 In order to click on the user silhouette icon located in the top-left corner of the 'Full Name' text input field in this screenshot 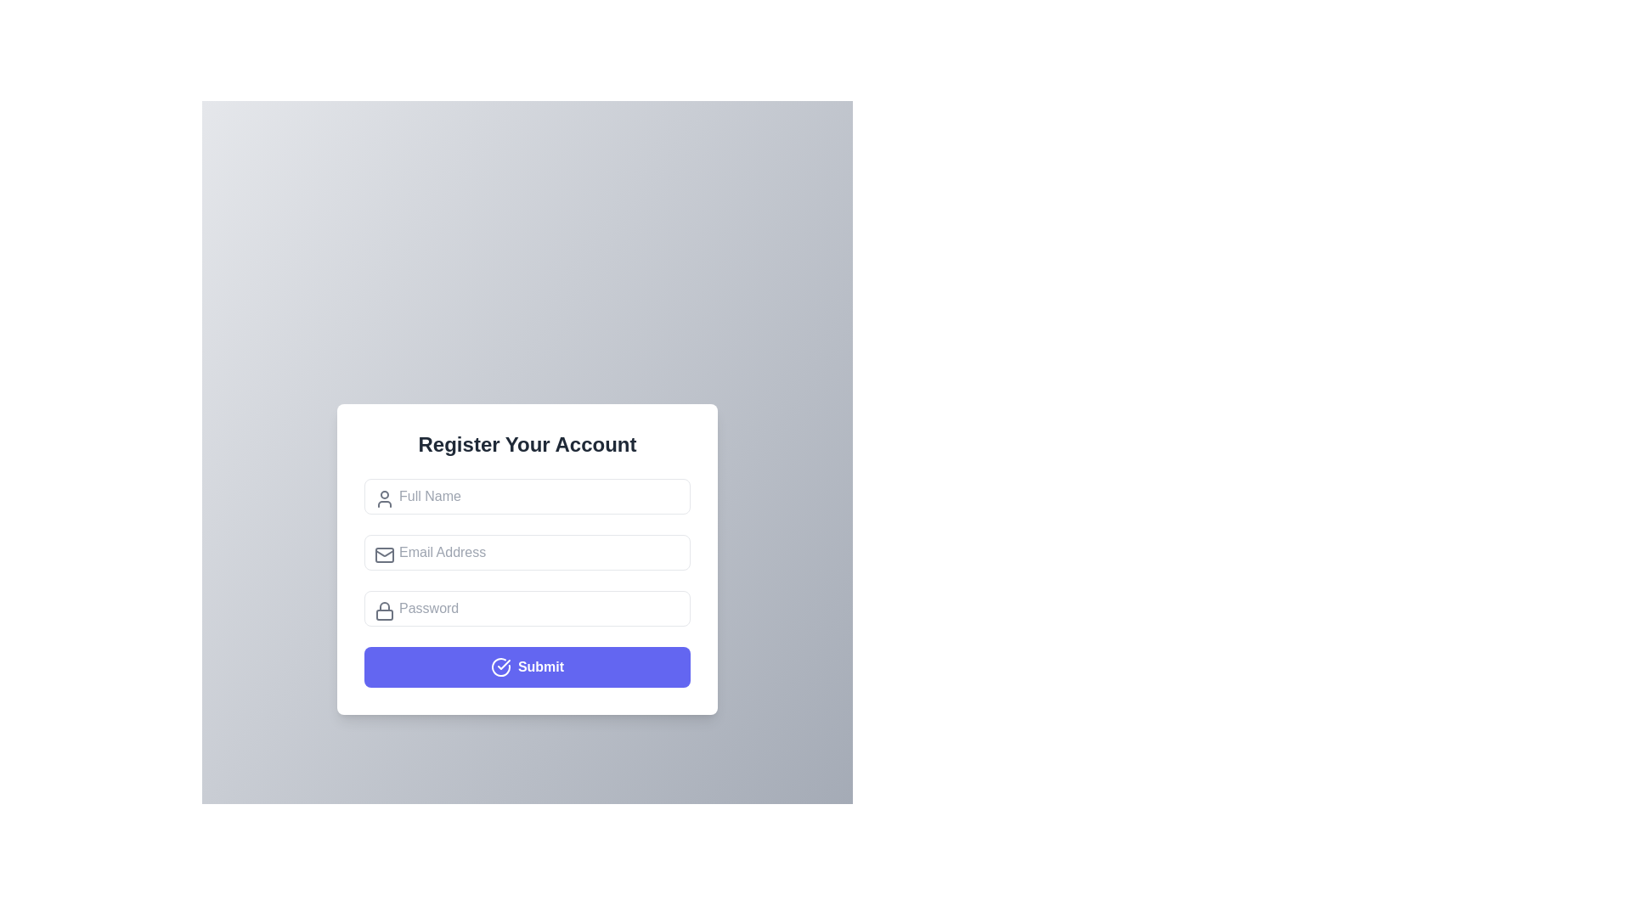, I will do `click(383, 497)`.